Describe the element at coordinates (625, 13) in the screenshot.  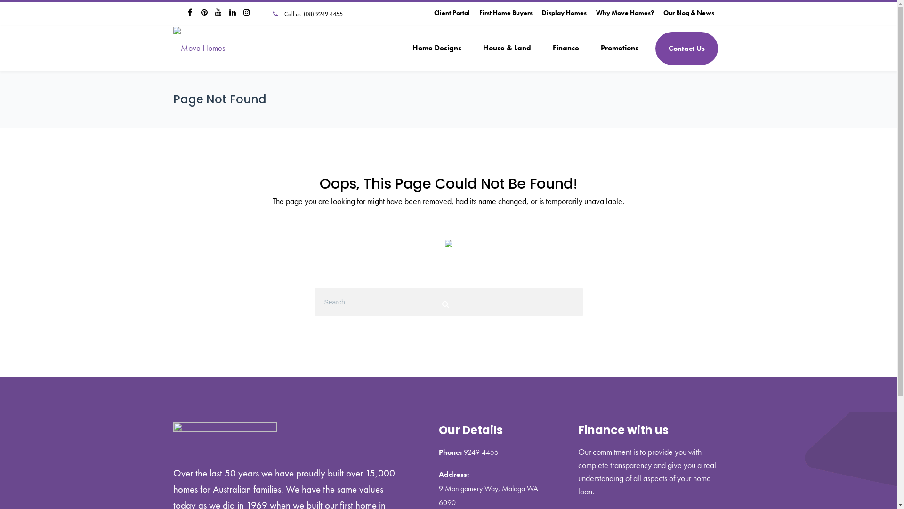
I see `'Why Move Homes?'` at that location.